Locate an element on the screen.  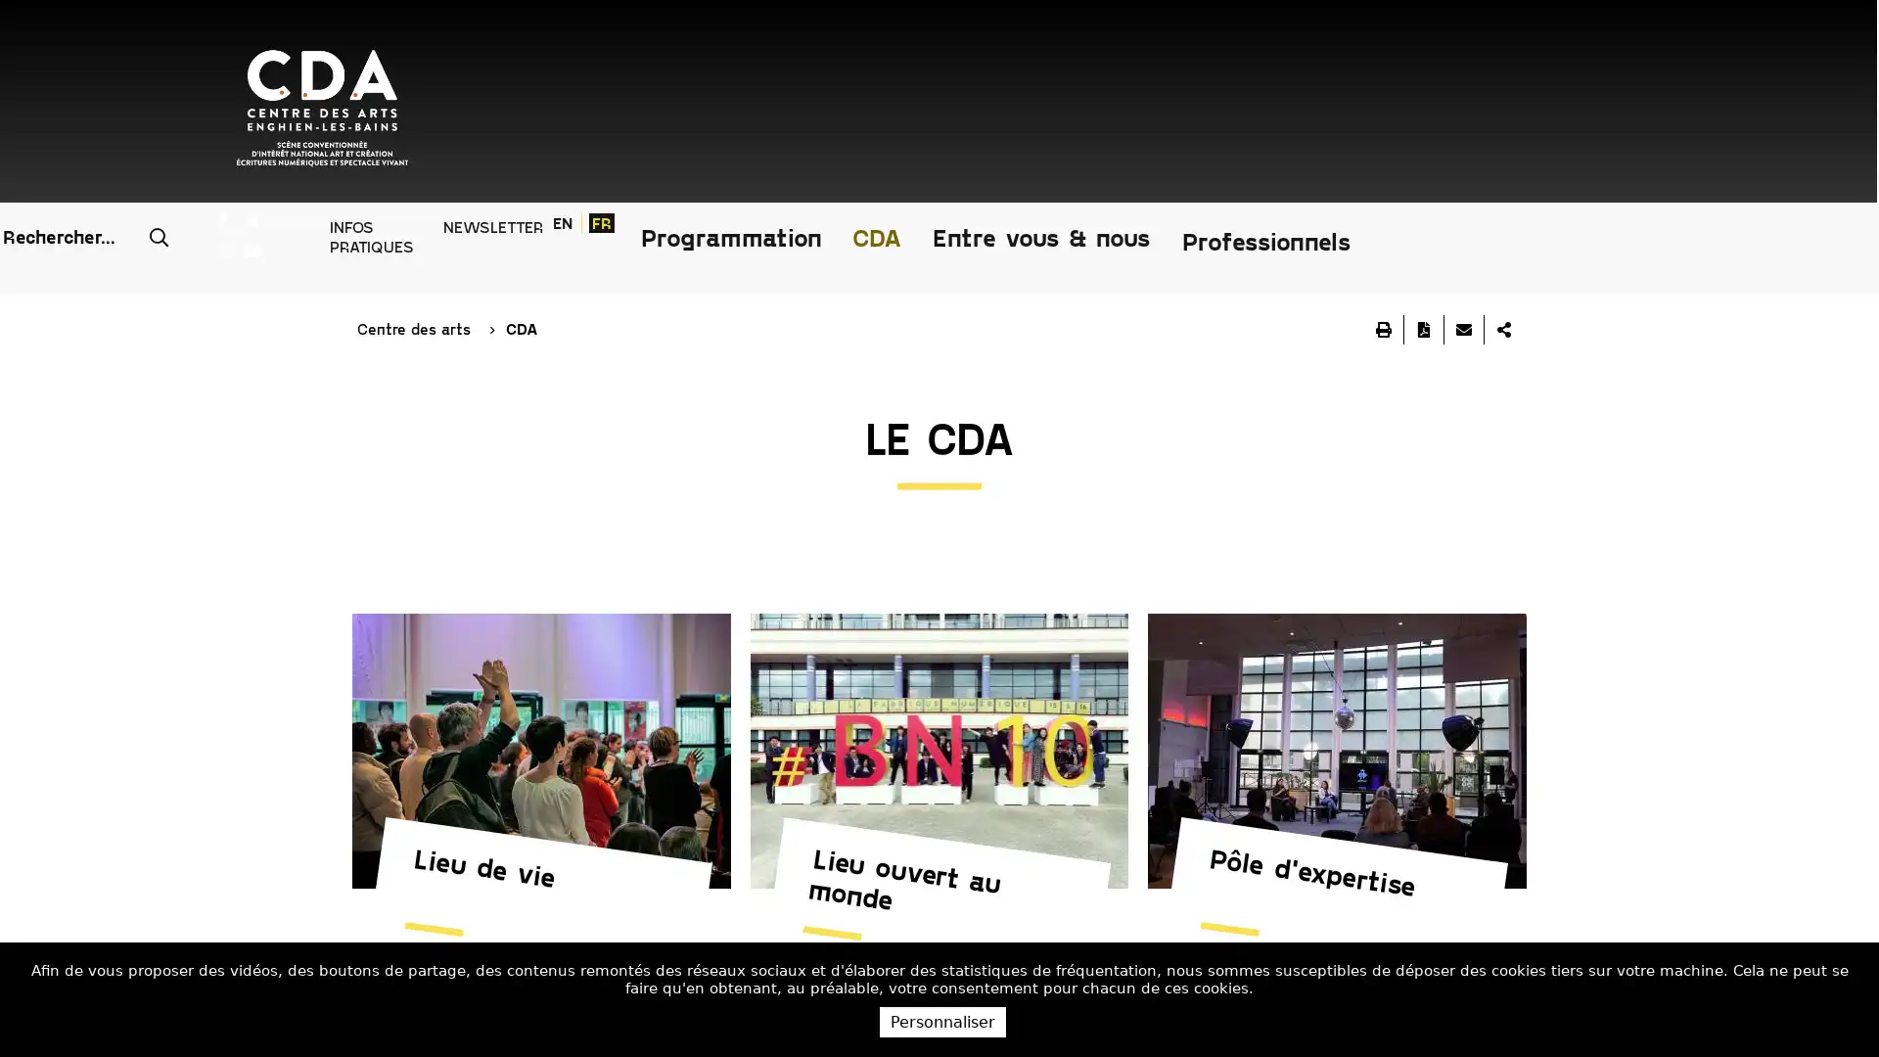
Partager cette page is located at coordinates (1502, 192).